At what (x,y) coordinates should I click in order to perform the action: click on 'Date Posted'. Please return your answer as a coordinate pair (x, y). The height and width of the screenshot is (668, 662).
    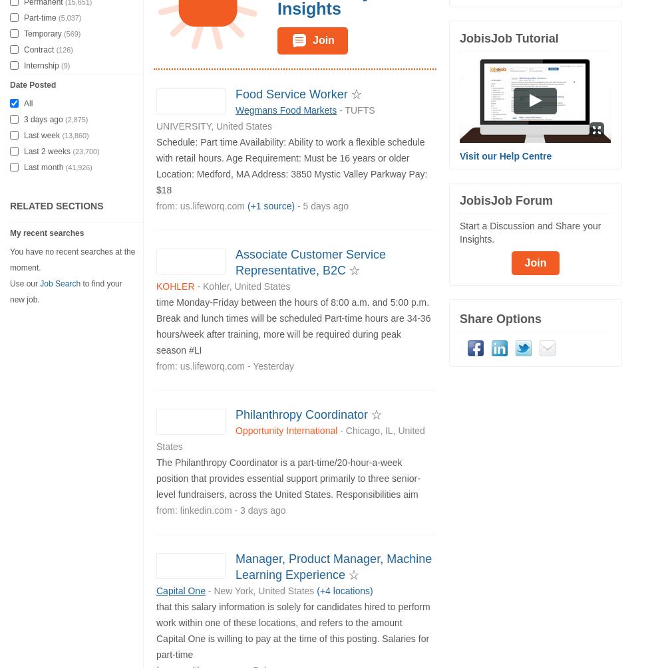
    Looking at the image, I should click on (10, 84).